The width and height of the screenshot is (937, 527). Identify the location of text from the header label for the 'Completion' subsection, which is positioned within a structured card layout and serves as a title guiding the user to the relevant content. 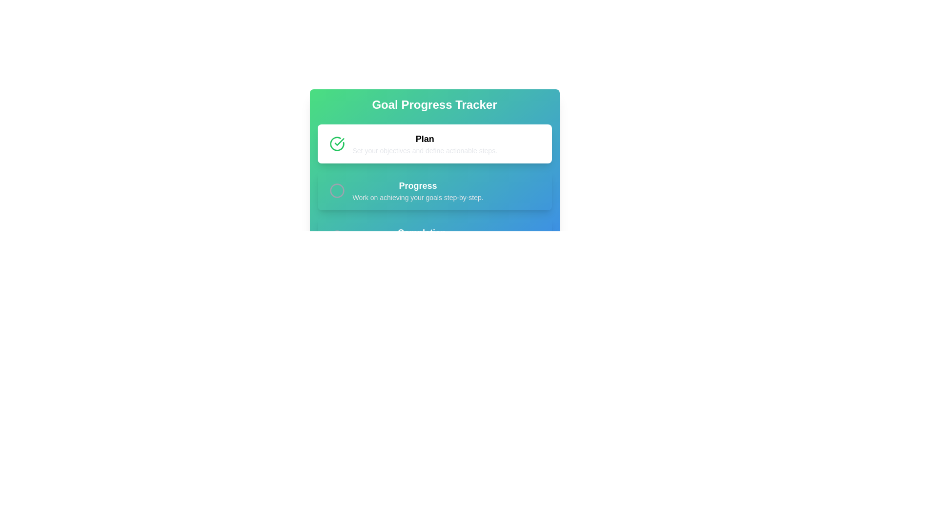
(422, 233).